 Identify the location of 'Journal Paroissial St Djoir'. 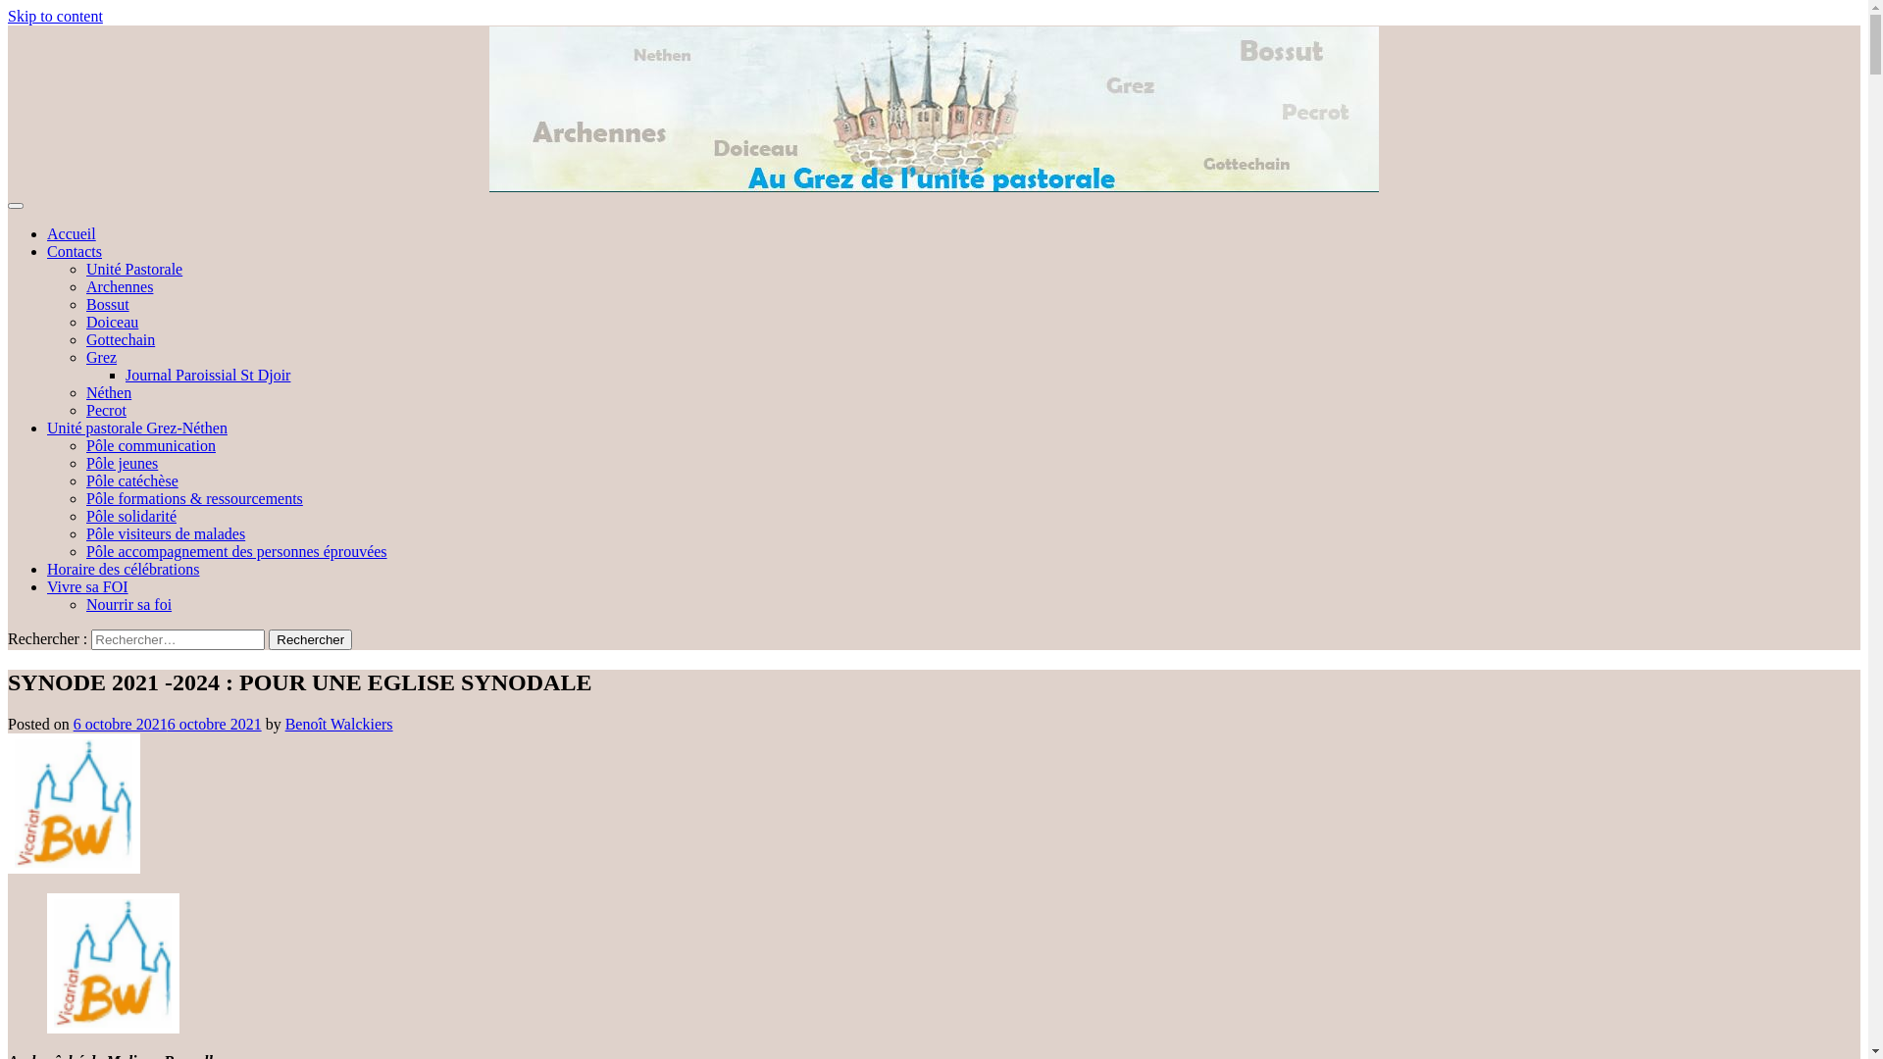
(125, 375).